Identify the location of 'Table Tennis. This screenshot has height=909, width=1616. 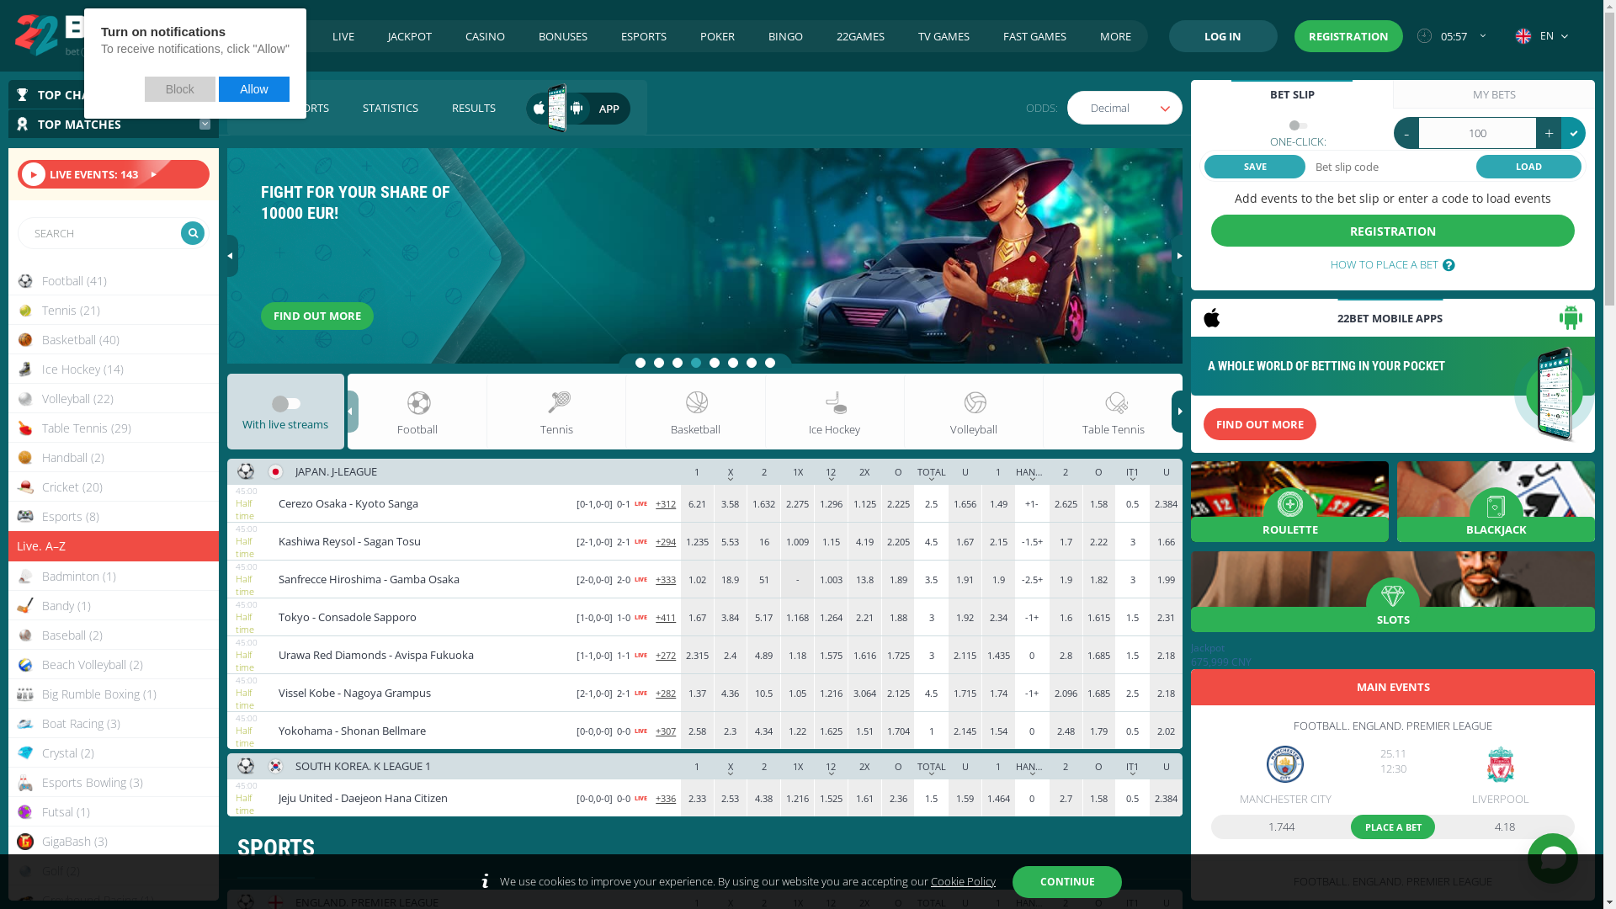
(8, 427).